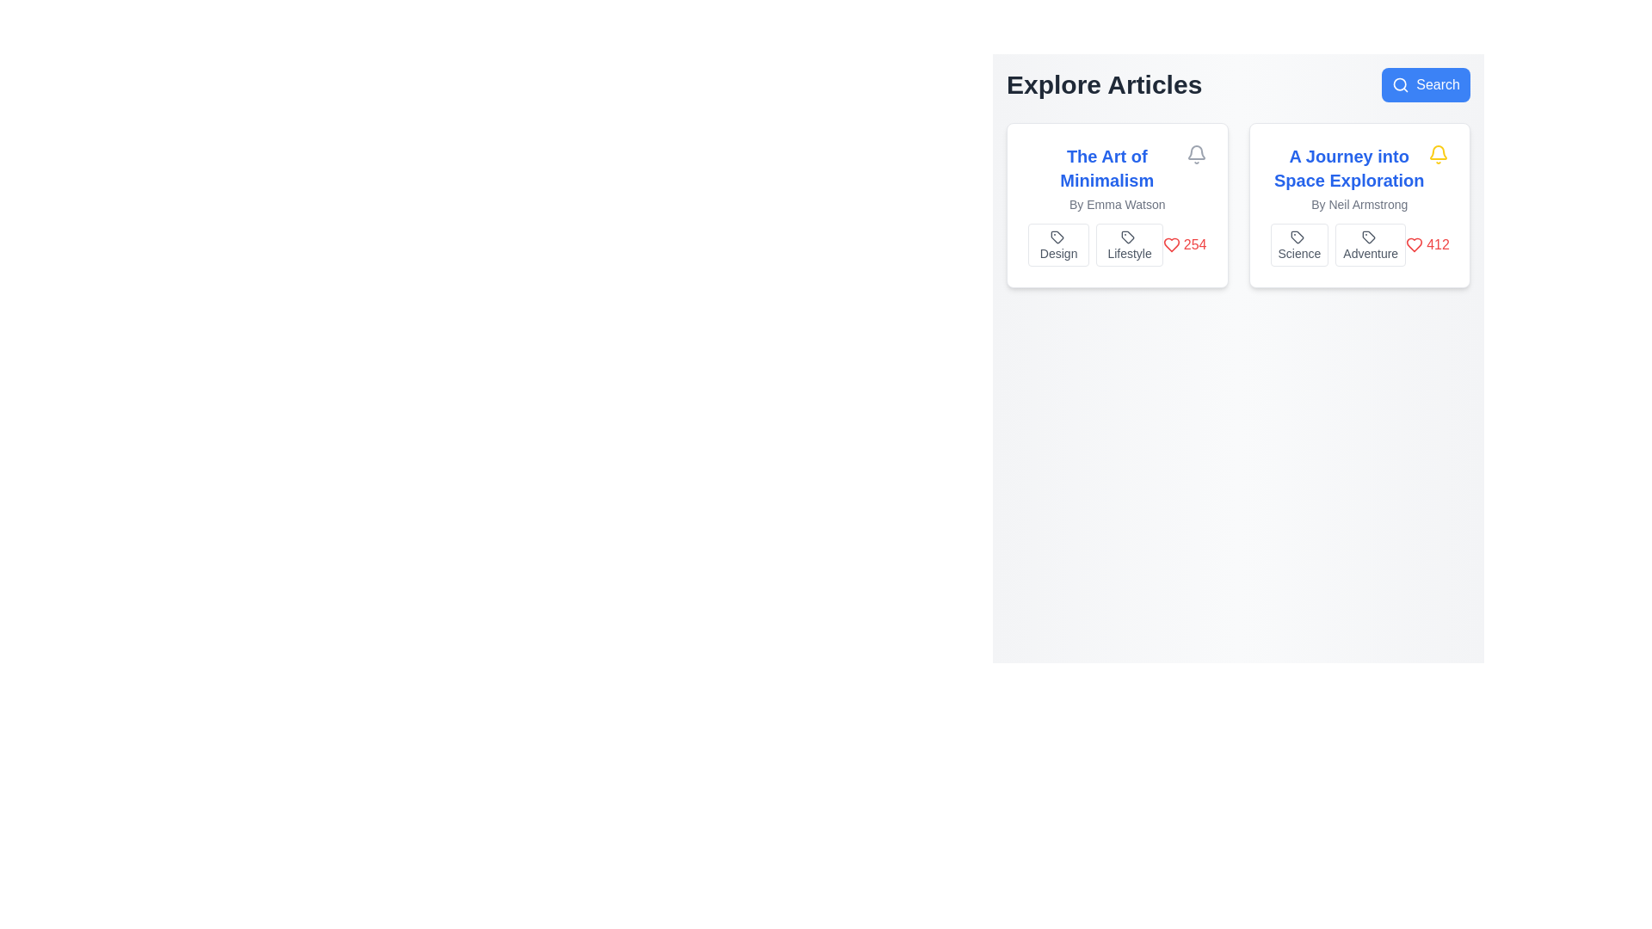 This screenshot has width=1652, height=929. Describe the element at coordinates (1359, 179) in the screenshot. I see `the Text element displaying the title 'A Journey into Space Exploration' and the subtitle 'By Neil Armstrong', which is located in the top section of the second card` at that location.